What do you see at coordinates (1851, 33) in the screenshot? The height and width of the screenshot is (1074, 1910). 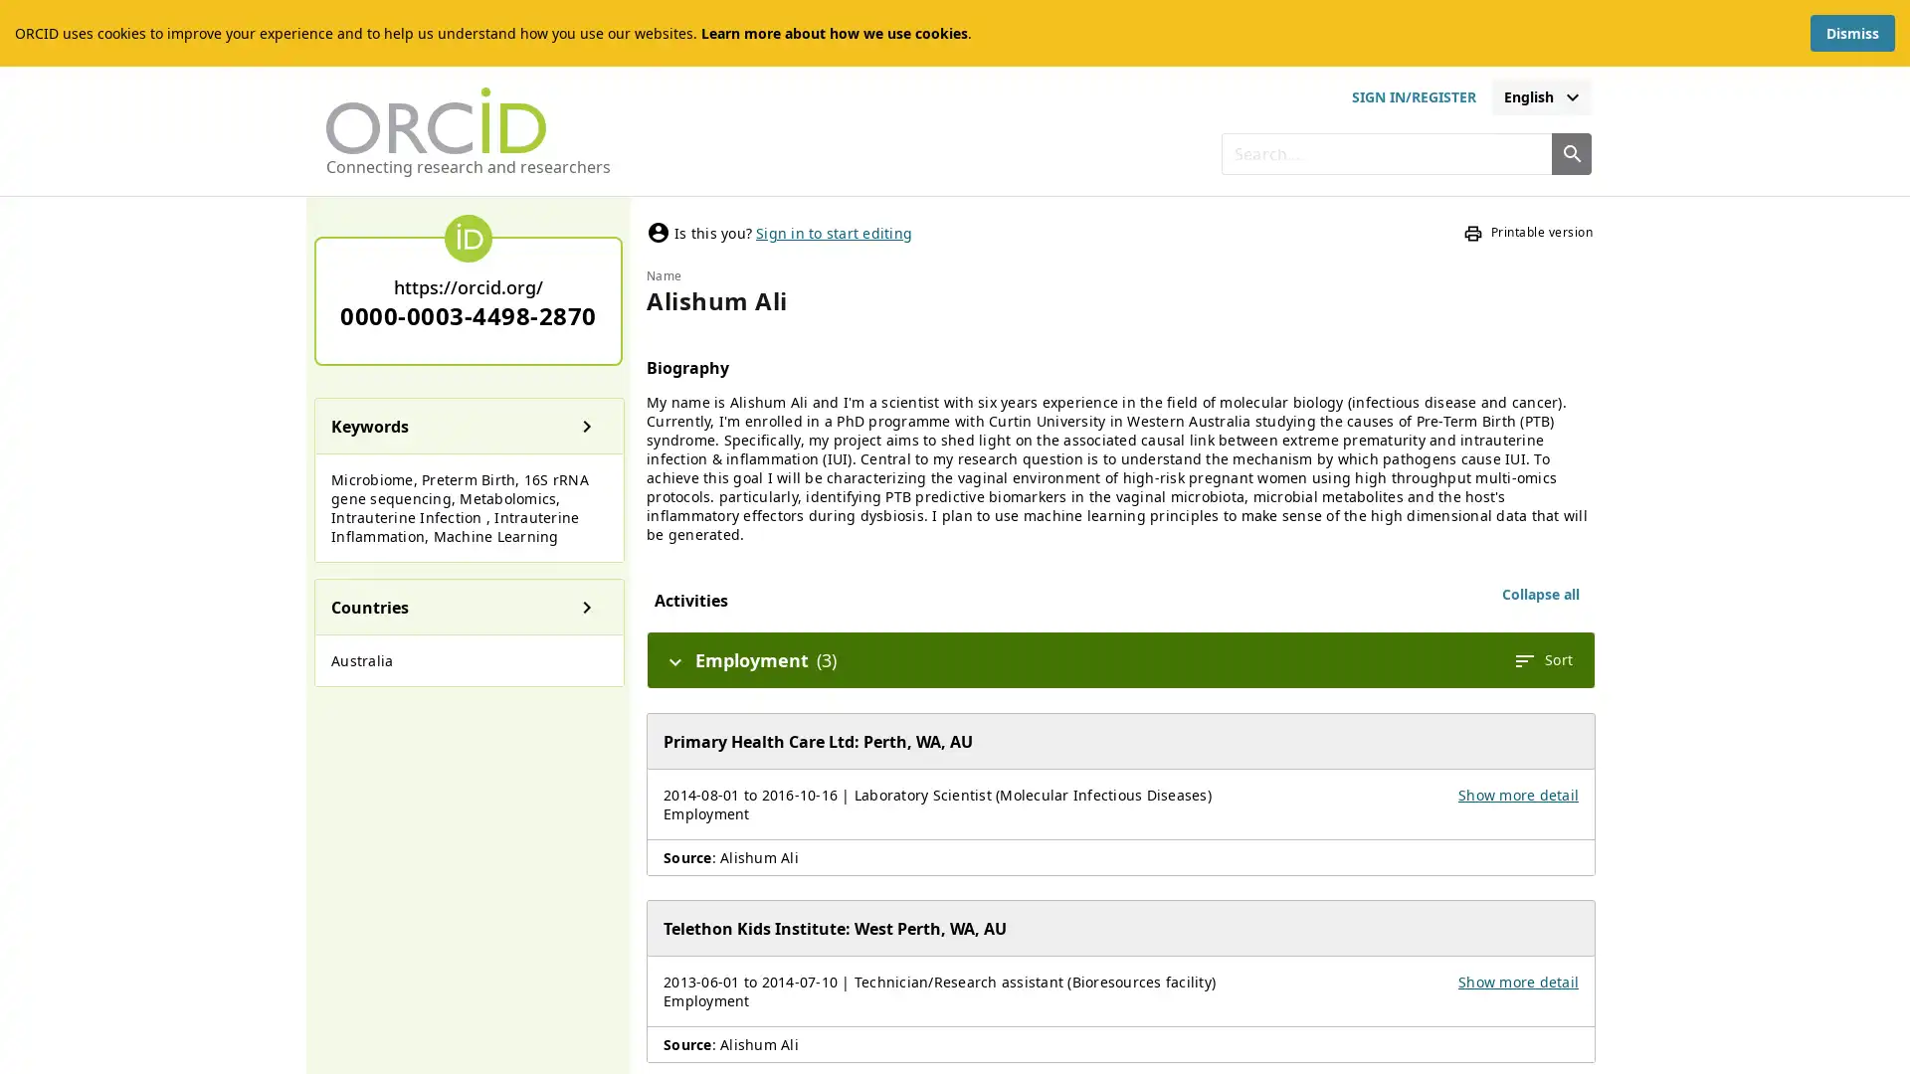 I see `Dismiss` at bounding box center [1851, 33].